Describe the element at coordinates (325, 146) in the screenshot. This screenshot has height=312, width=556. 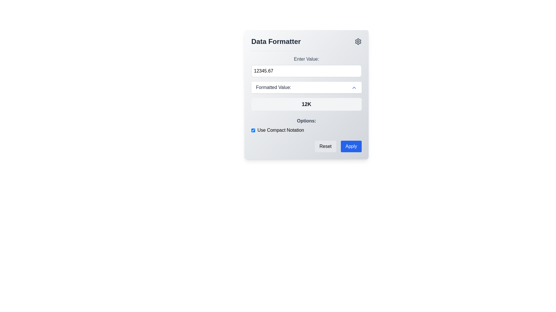
I see `the 'Reset' button, which is the leftmost button in a group of two buttons at the bottom-right area of a card-like interface` at that location.